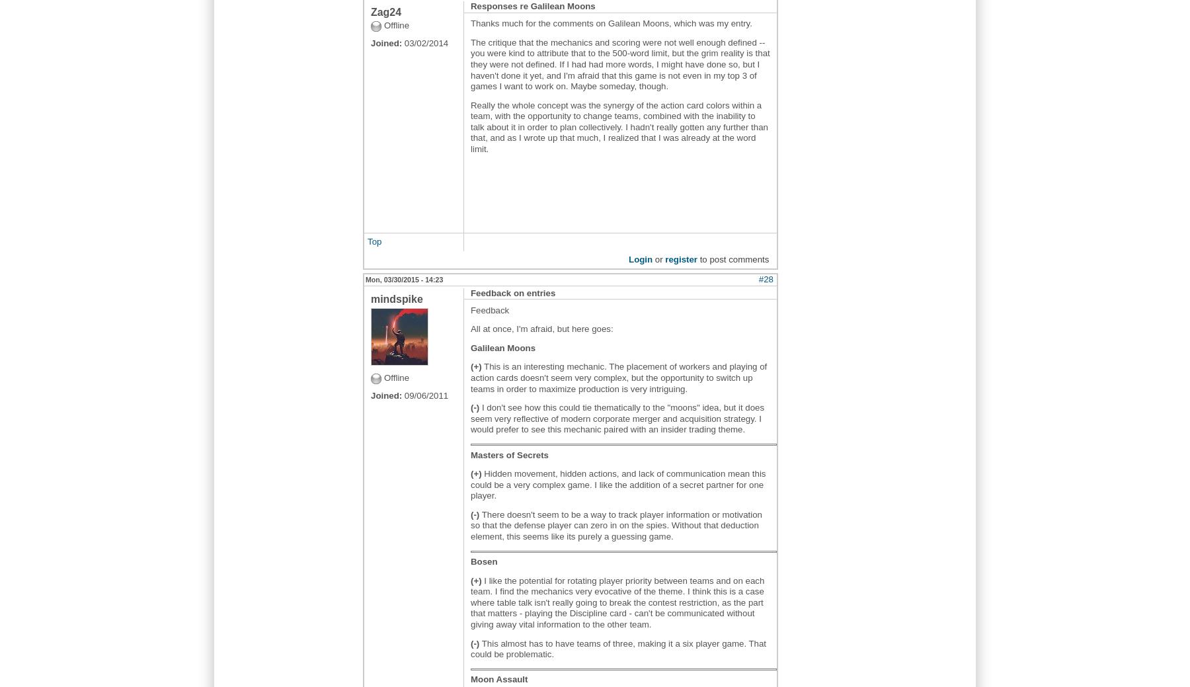 The height and width of the screenshot is (687, 1190). Describe the element at coordinates (533, 5) in the screenshot. I see `'Responses re Galilean Moons'` at that location.